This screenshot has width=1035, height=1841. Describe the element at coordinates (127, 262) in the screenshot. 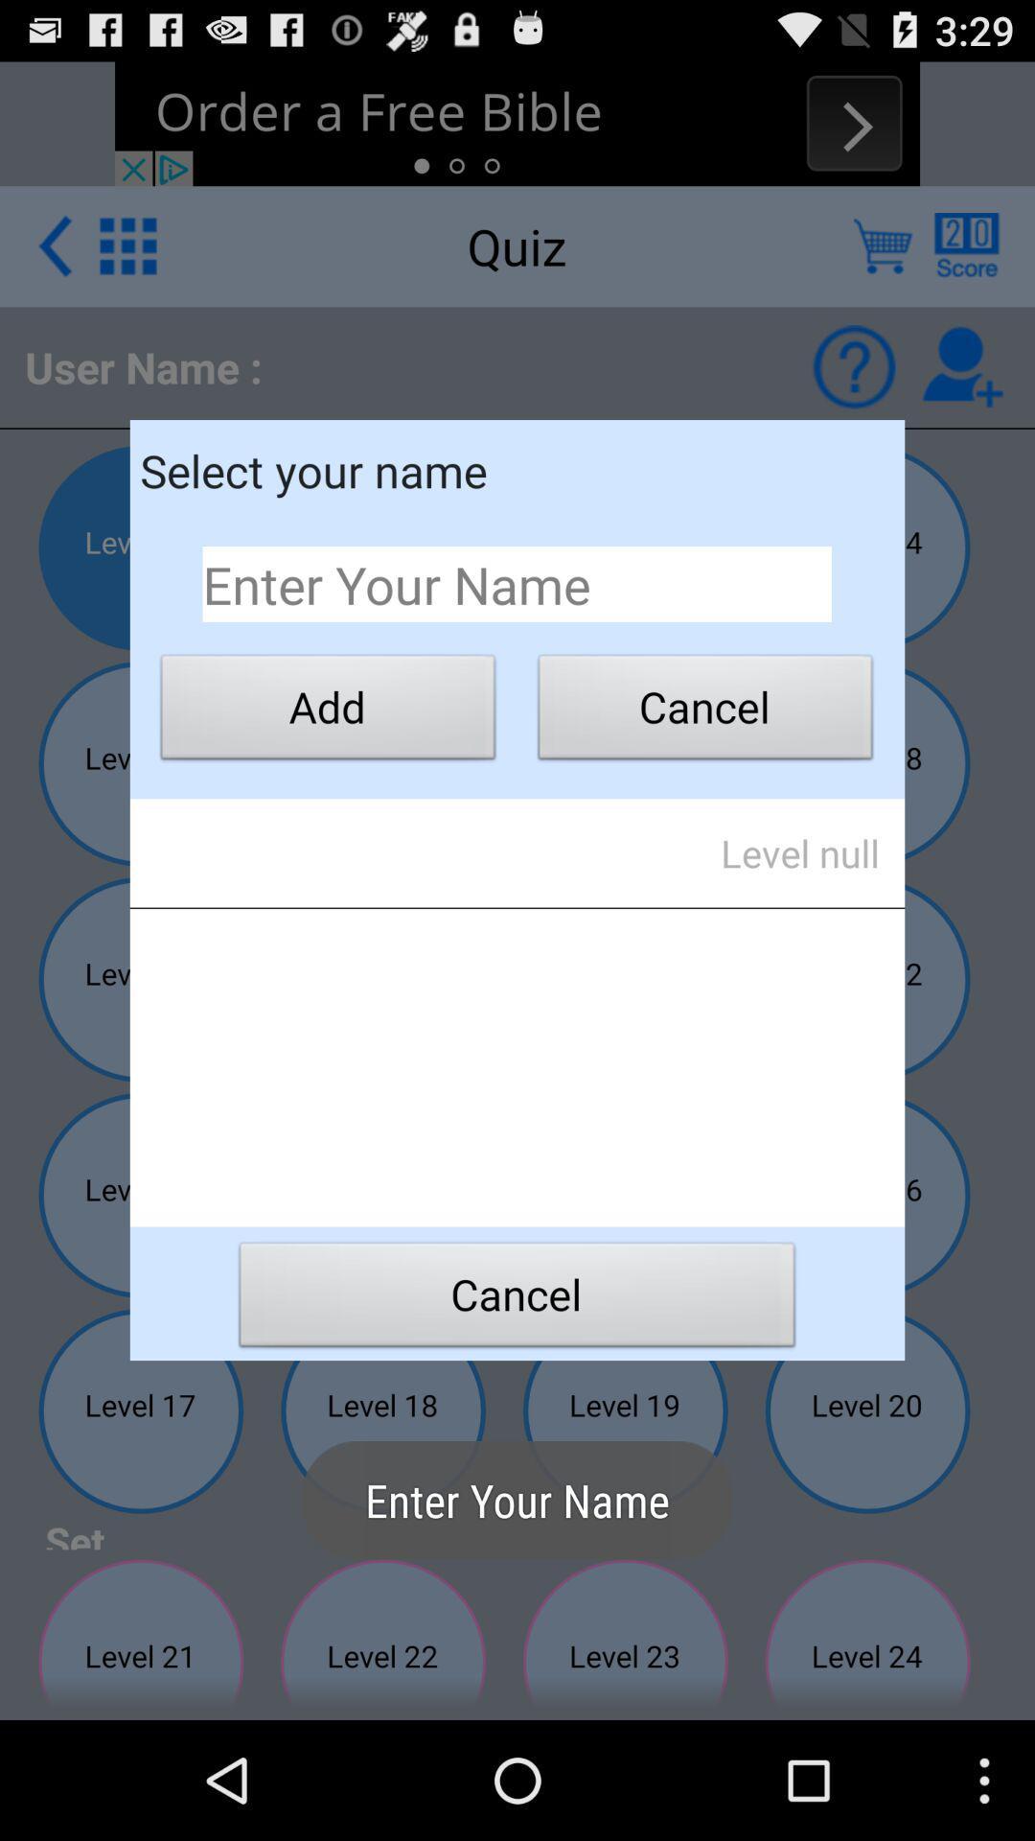

I see `the dialpad icon` at that location.